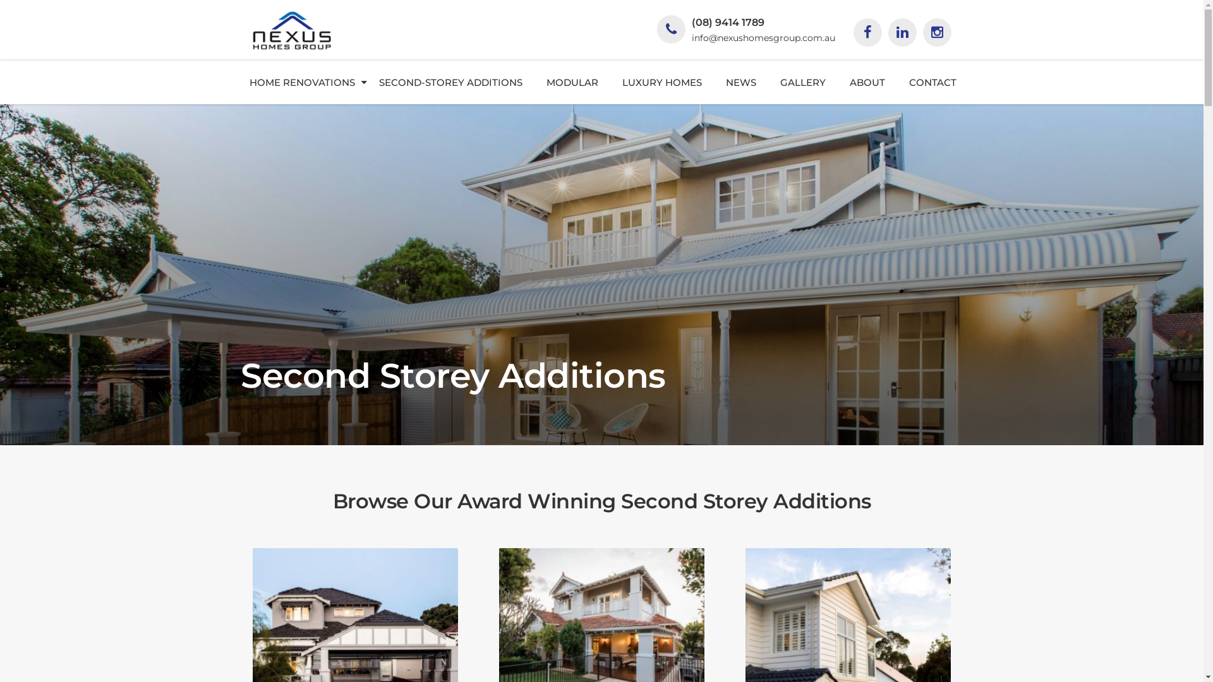  I want to click on 'CONTACT', so click(932, 82).